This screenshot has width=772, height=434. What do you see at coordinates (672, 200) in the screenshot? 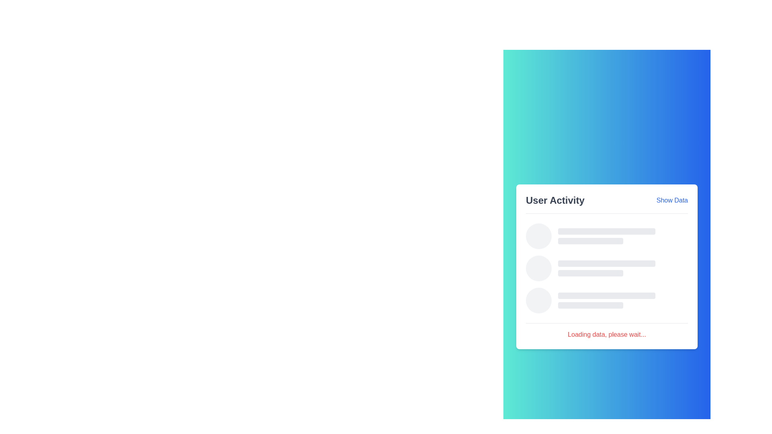
I see `the 'Show Data' text link located in the top-right corner of the panel containing the title 'User Activity'` at bounding box center [672, 200].